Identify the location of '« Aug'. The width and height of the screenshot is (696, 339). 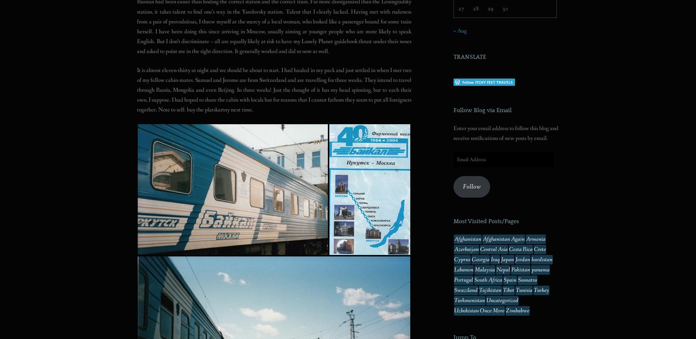
(460, 30).